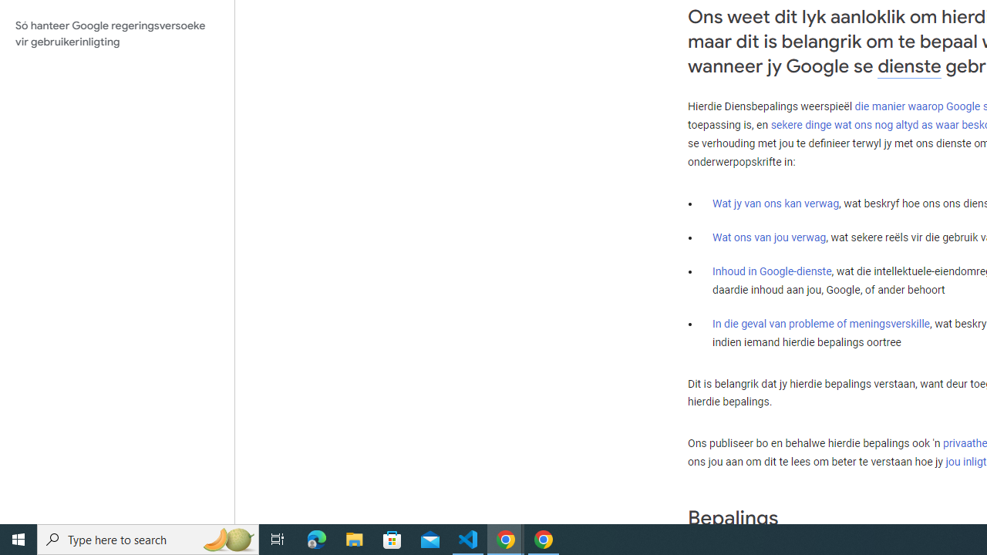 The image size is (987, 555). I want to click on 'Inhoud in Google-dienste', so click(772, 270).